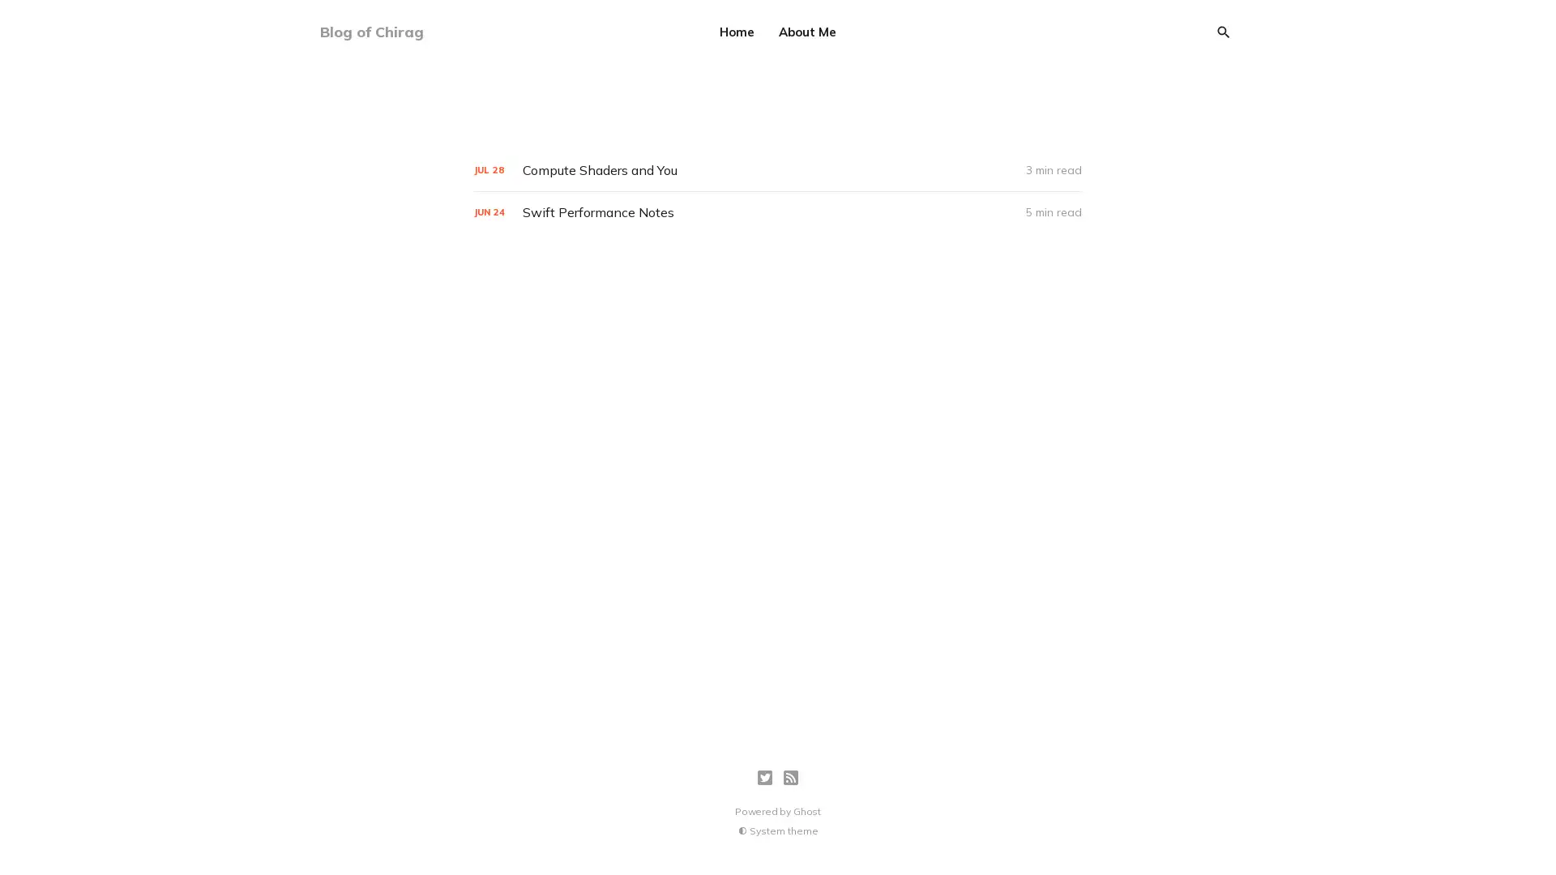  I want to click on Search, so click(1224, 32).